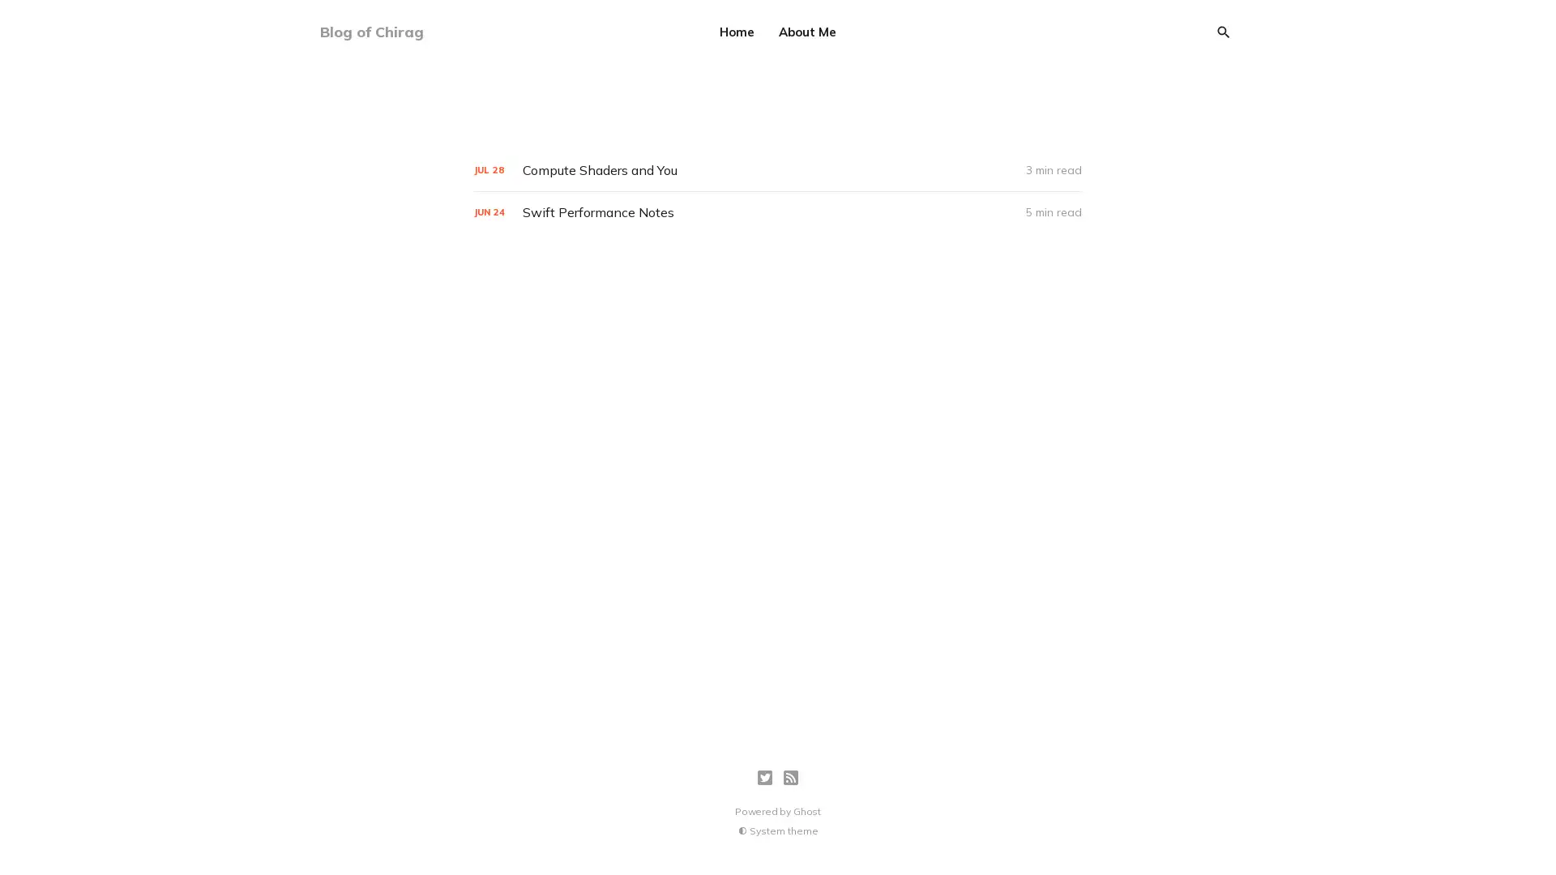  I want to click on Search, so click(1224, 32).